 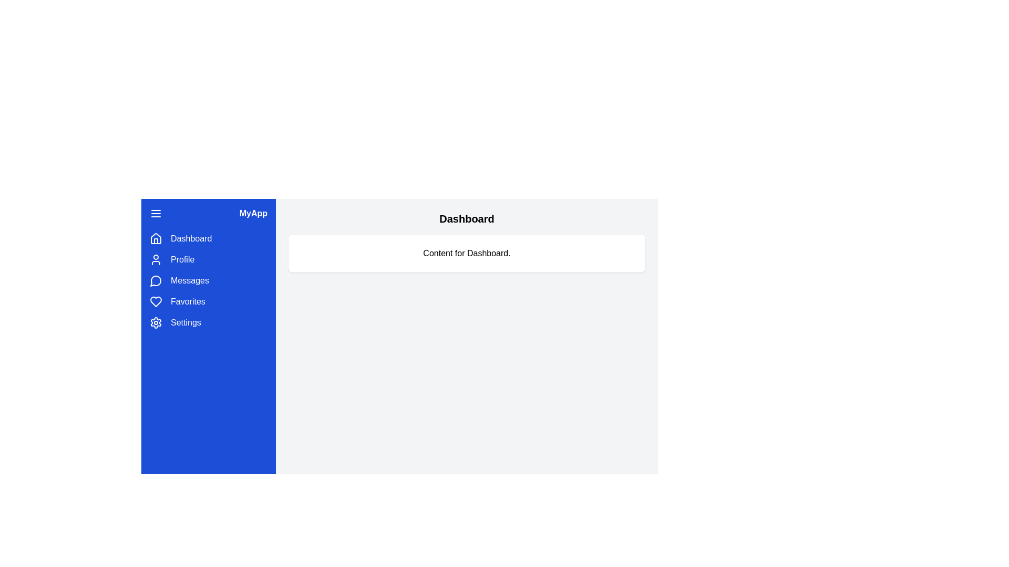 I want to click on the user silhouette icon in the vertical navigation menu, located to the left of the 'Profile' text, so click(x=156, y=259).